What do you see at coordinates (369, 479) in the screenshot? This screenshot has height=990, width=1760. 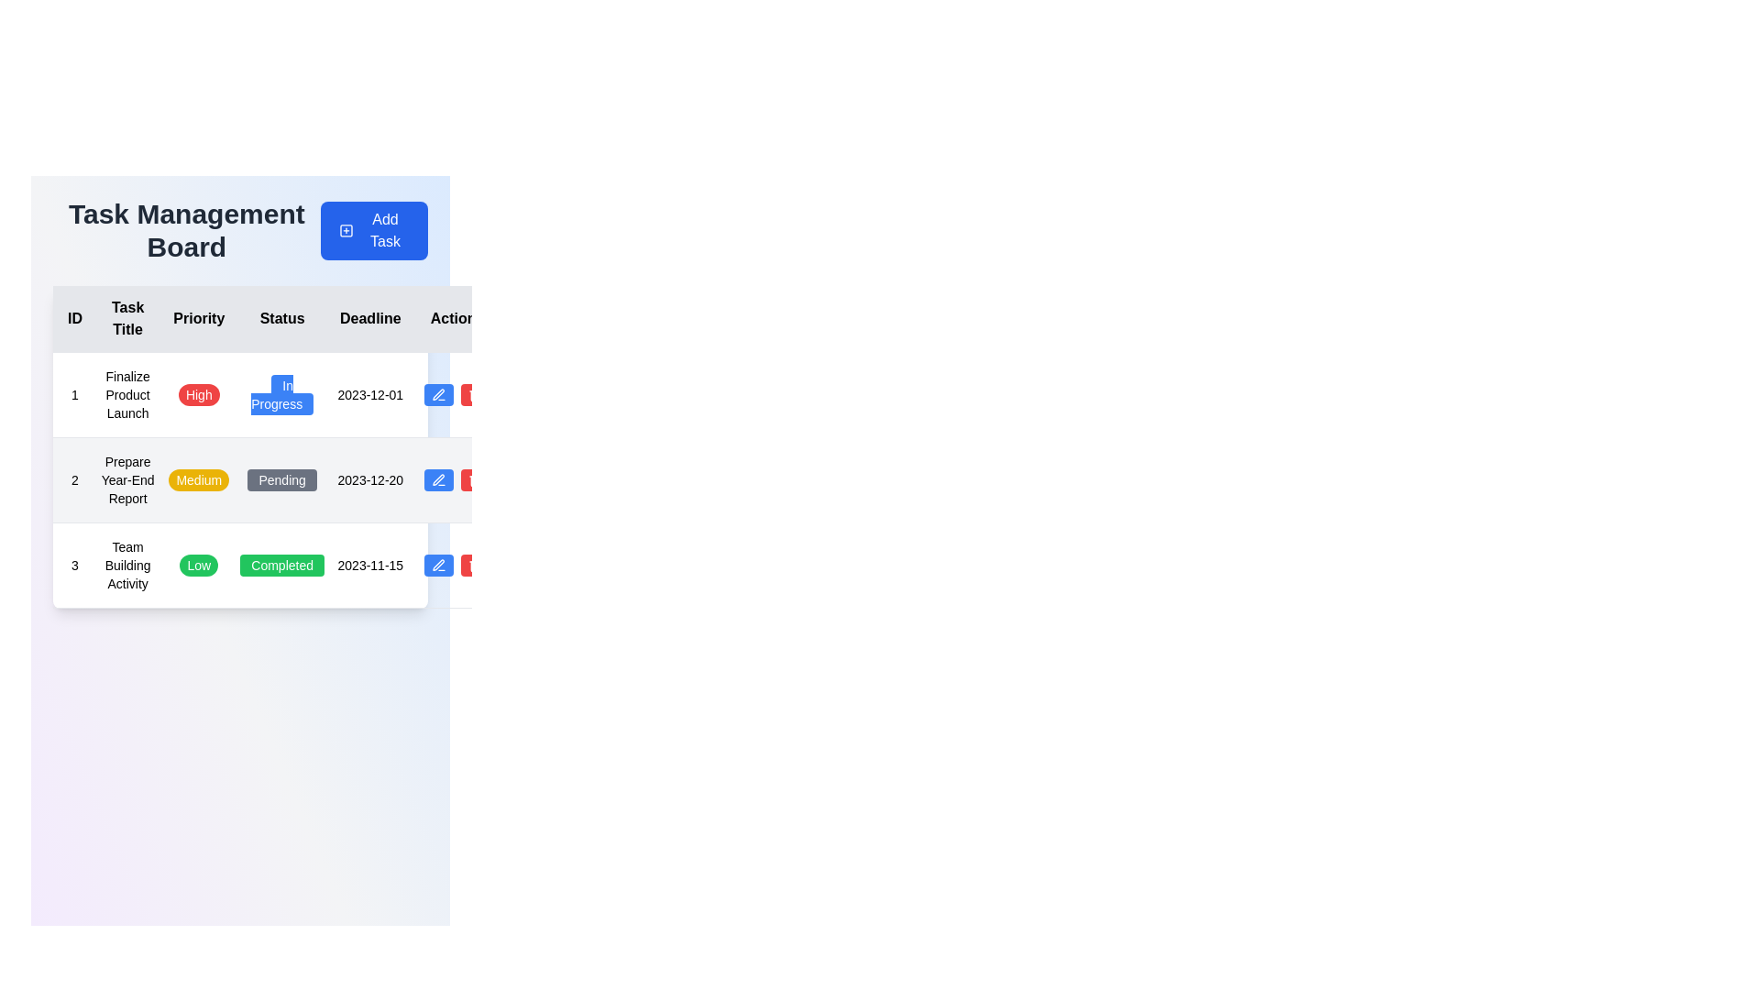 I see `the static text field indicating the deadline for the task 'Prepare Year-End Report' located in the second row of the 'Deadline' column in the task management table` at bounding box center [369, 479].